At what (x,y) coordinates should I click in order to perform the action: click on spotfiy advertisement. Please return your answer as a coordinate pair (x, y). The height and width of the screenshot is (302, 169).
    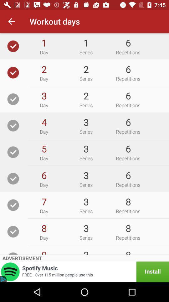
    Looking at the image, I should click on (84, 271).